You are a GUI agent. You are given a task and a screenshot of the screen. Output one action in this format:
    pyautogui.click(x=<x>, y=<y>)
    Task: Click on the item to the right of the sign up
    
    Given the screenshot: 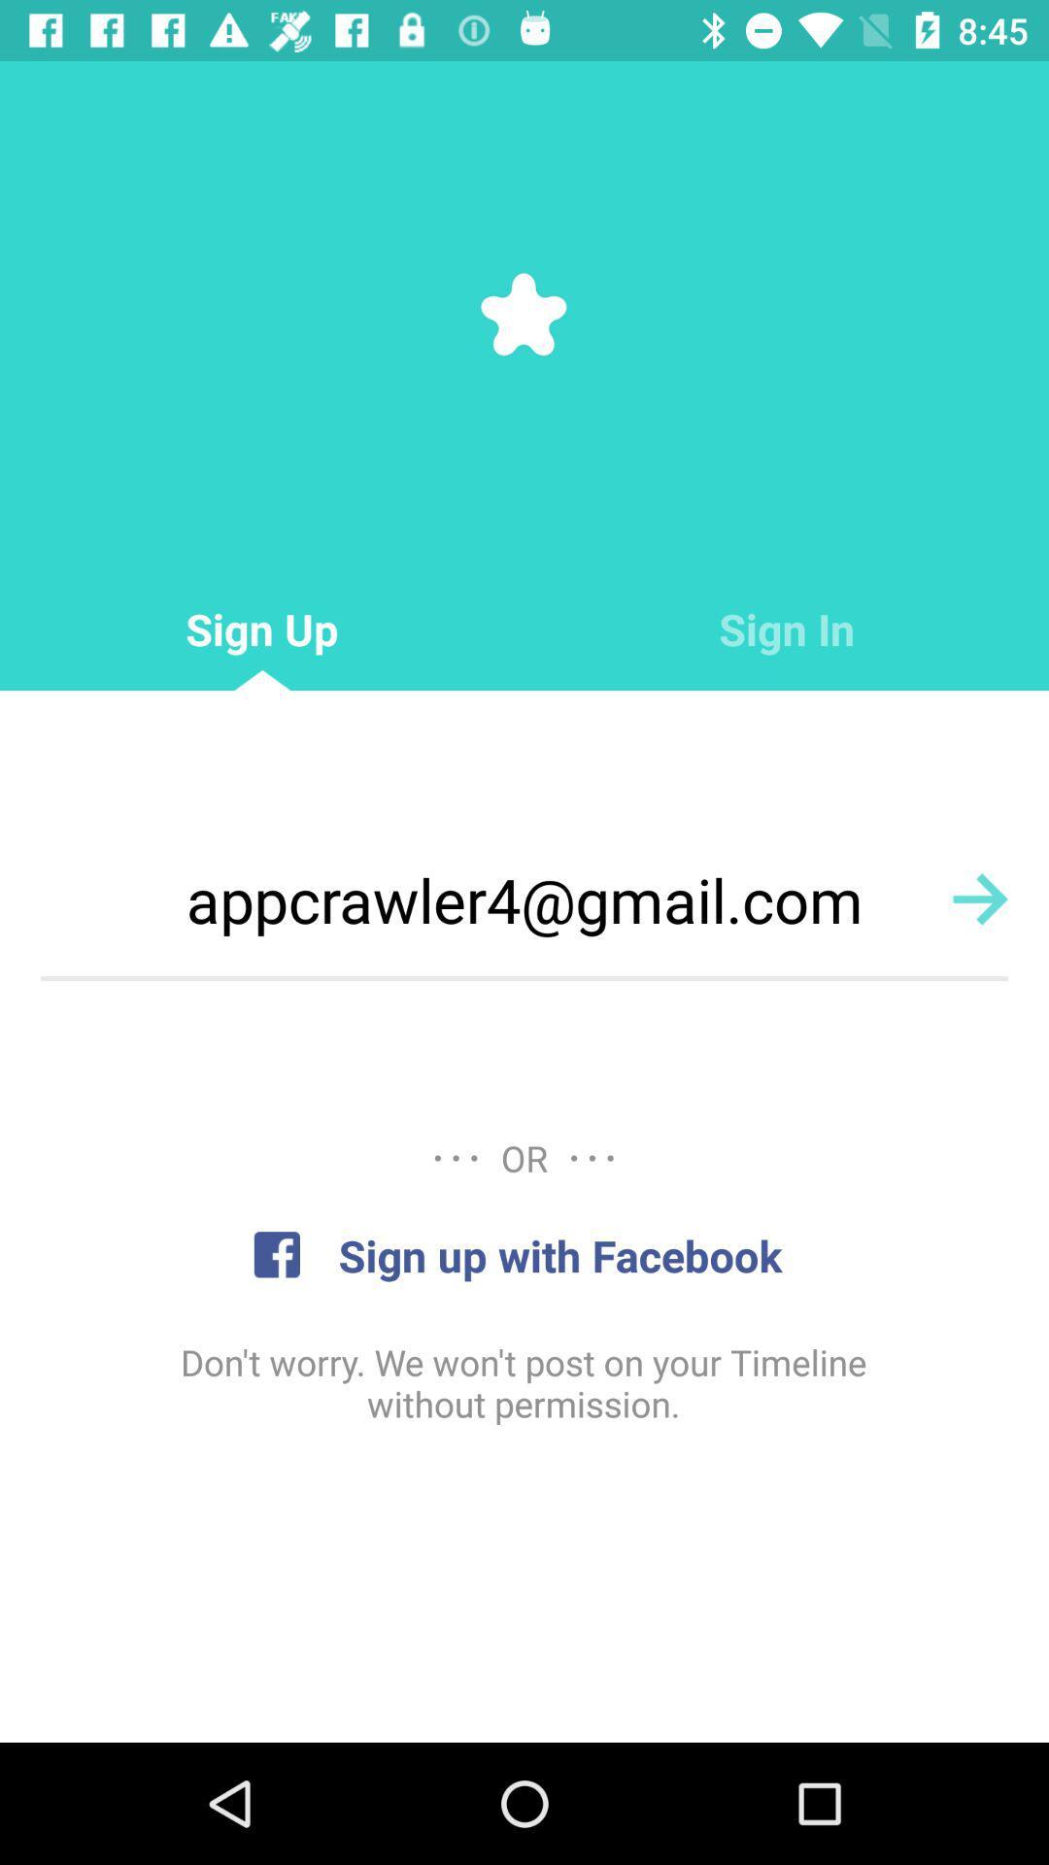 What is the action you would take?
    pyautogui.click(x=787, y=629)
    